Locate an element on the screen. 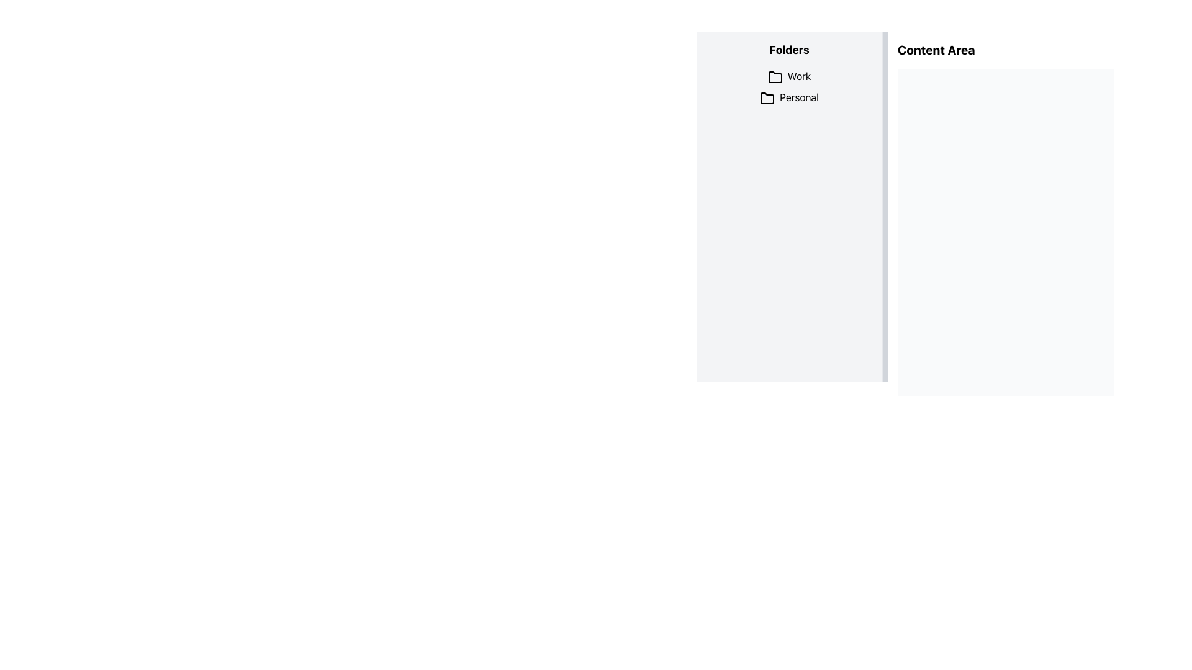  the 'Personal' folder text label located is located at coordinates (788, 97).